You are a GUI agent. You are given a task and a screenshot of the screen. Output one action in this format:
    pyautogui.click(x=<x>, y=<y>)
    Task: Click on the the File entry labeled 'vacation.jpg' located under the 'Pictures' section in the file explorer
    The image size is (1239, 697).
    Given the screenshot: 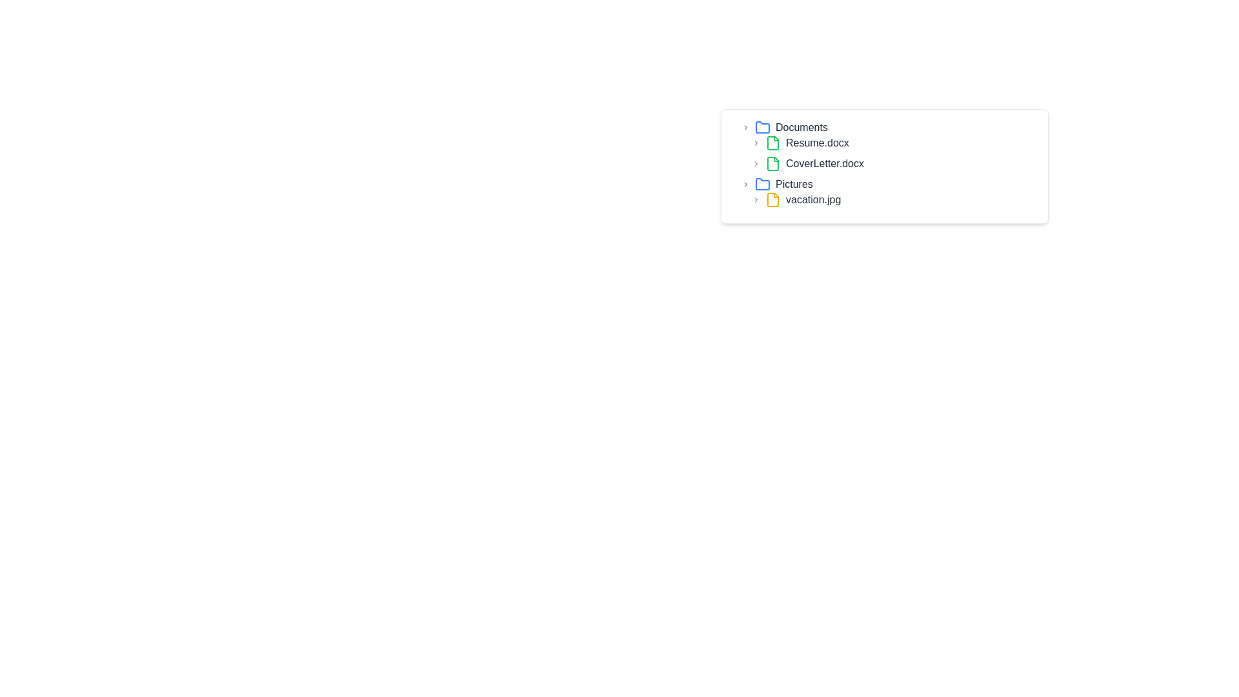 What is the action you would take?
    pyautogui.click(x=894, y=199)
    